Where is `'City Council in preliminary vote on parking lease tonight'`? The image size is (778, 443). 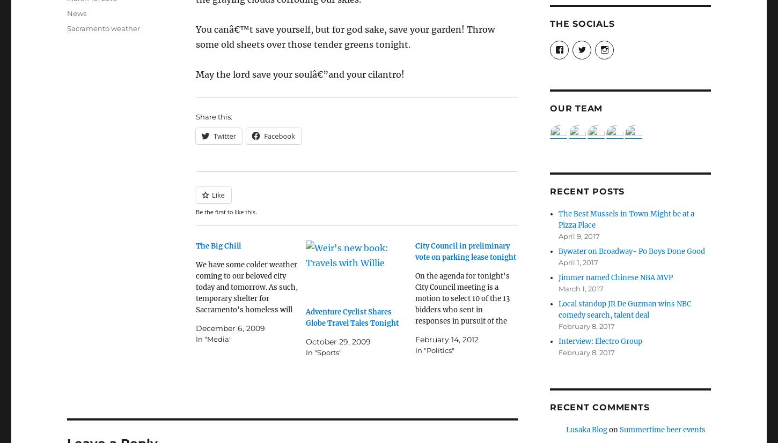
'City Council in preliminary vote on parking lease tonight' is located at coordinates (415, 251).